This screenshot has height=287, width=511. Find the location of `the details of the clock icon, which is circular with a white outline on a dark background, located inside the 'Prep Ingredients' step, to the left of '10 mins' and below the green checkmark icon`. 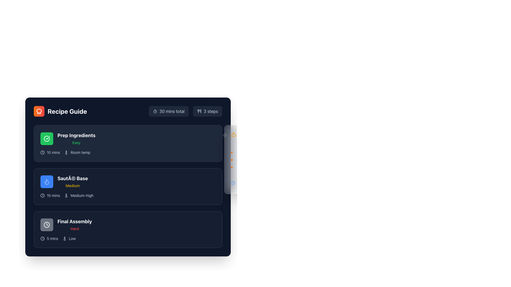

the details of the clock icon, which is circular with a white outline on a dark background, located inside the 'Prep Ingredients' step, to the left of '10 mins' and below the green checkmark icon is located at coordinates (42, 153).